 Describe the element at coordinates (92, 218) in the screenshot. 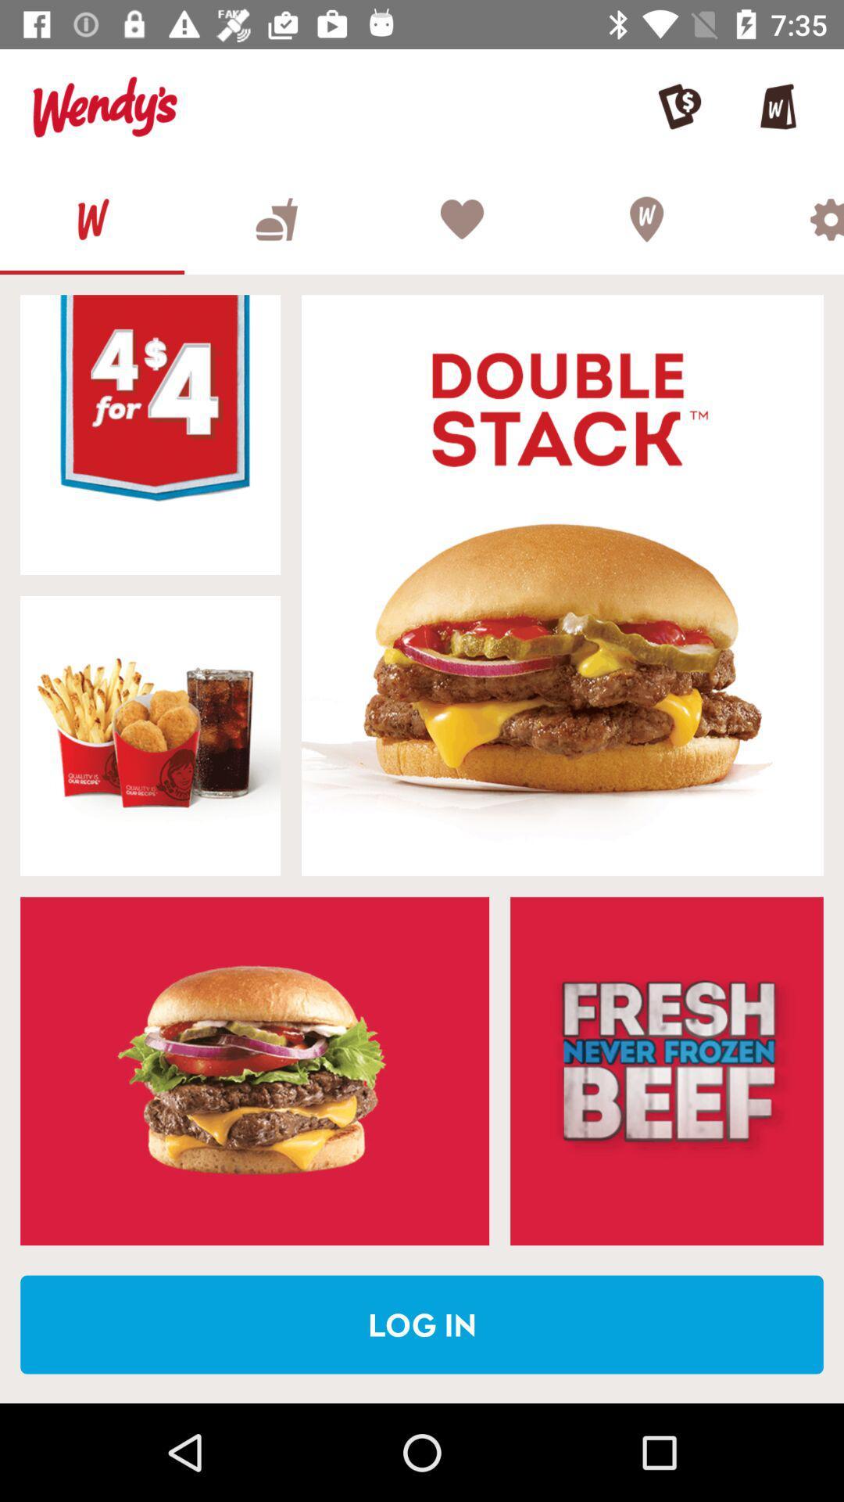

I see `homepage option` at that location.